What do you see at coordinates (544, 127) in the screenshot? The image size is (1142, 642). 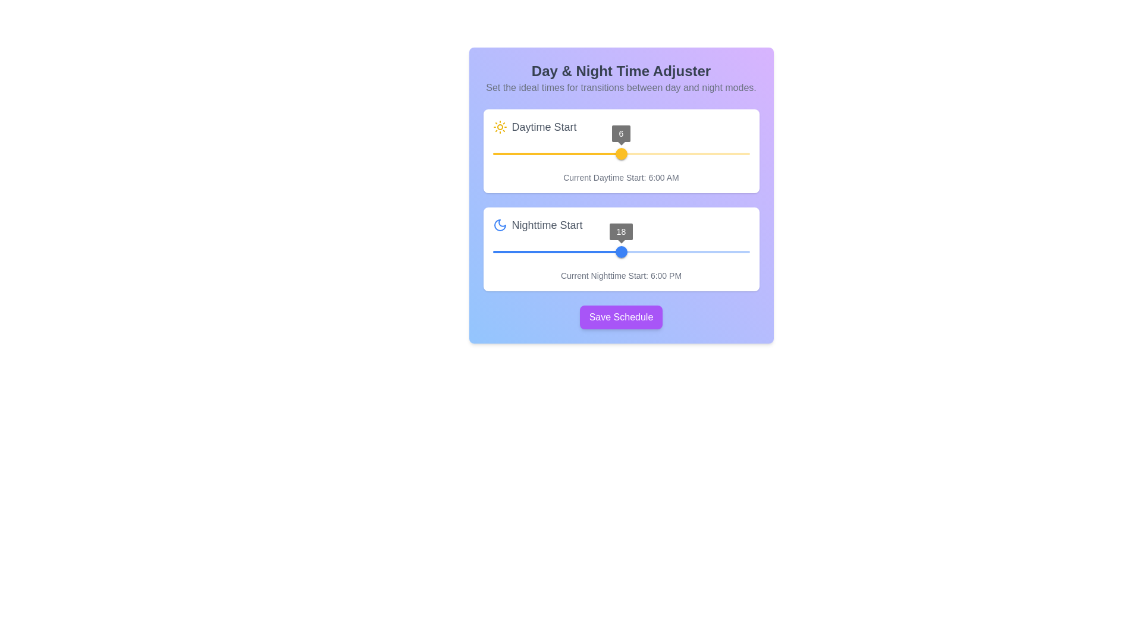 I see `the 'Daytime Start' label, which is styled with a large gray font and located next to a sun-shaped icon` at bounding box center [544, 127].